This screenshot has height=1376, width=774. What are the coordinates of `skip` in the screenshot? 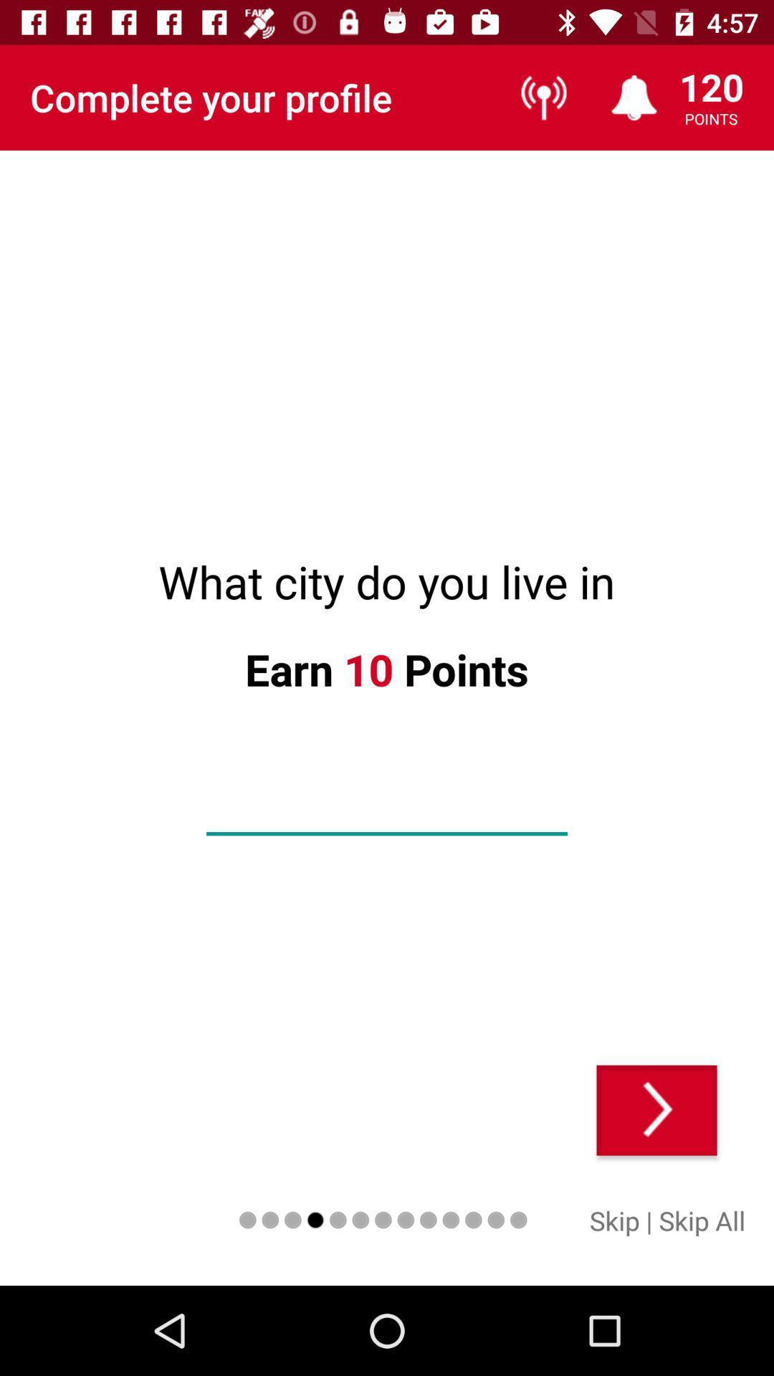 It's located at (613, 1220).